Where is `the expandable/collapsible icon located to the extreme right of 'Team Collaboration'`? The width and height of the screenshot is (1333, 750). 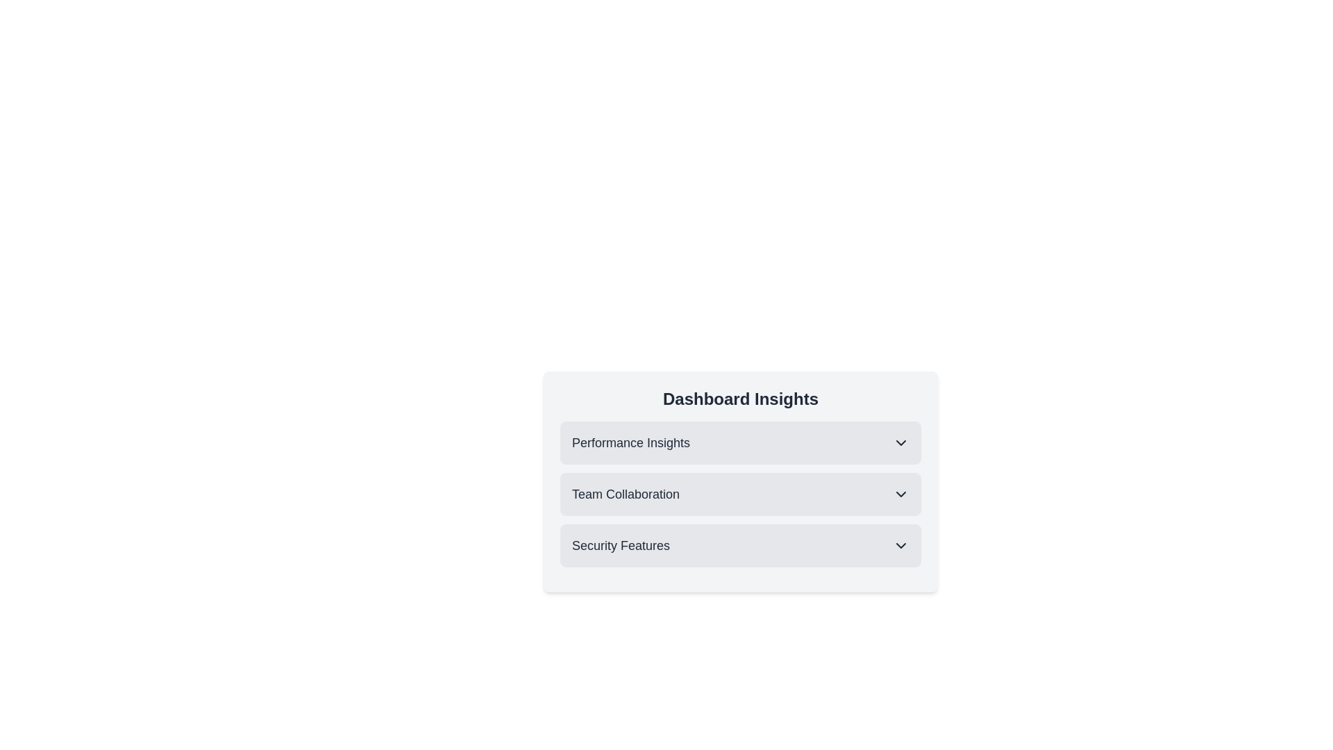
the expandable/collapsible icon located to the extreme right of 'Team Collaboration' is located at coordinates (900, 494).